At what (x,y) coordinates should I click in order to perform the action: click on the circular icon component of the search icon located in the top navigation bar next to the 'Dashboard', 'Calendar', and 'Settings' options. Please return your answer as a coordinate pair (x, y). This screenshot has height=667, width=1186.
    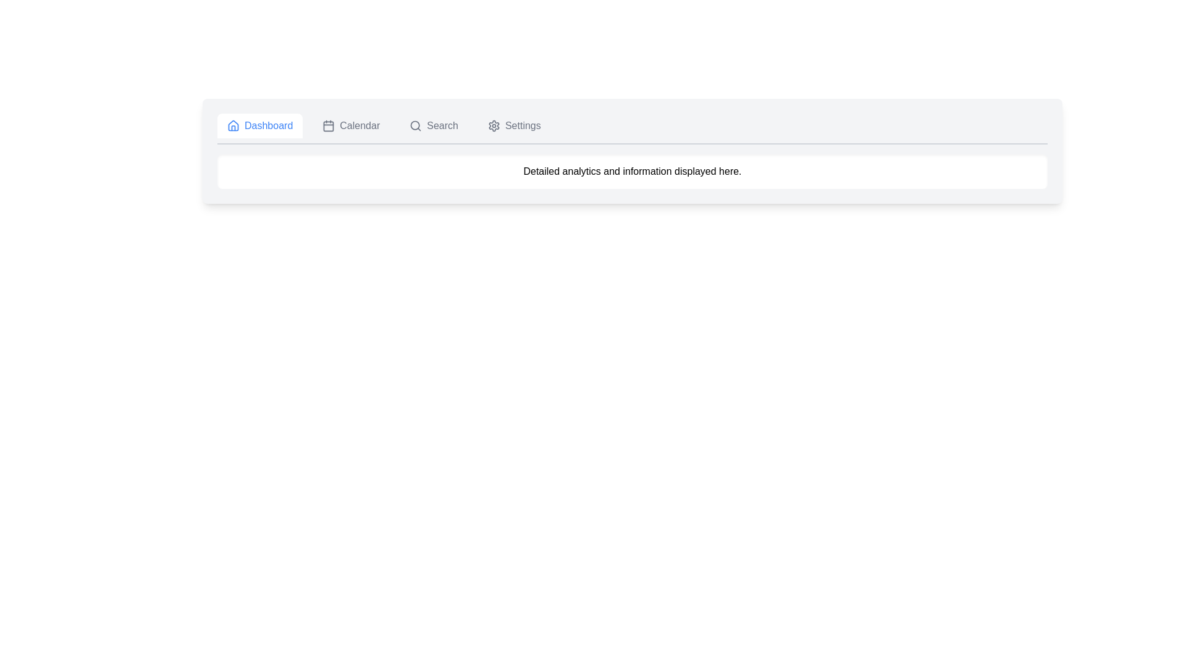
    Looking at the image, I should click on (415, 125).